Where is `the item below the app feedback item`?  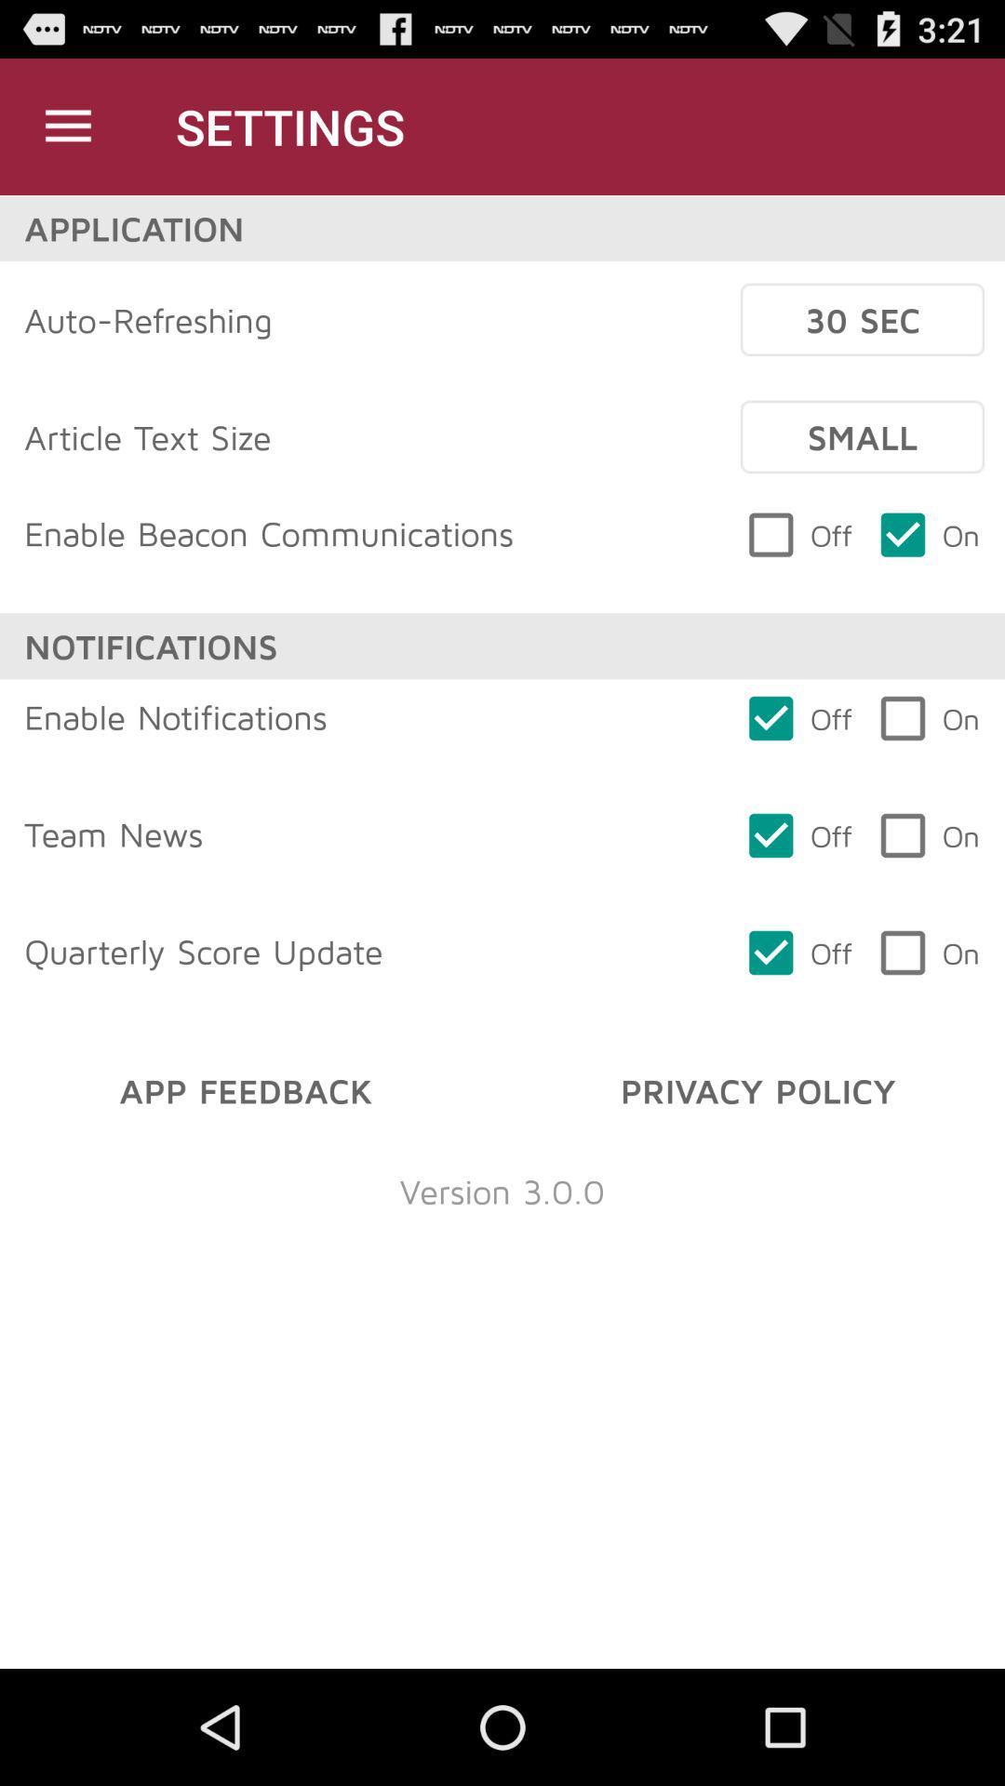
the item below the app feedback item is located at coordinates (502, 1191).